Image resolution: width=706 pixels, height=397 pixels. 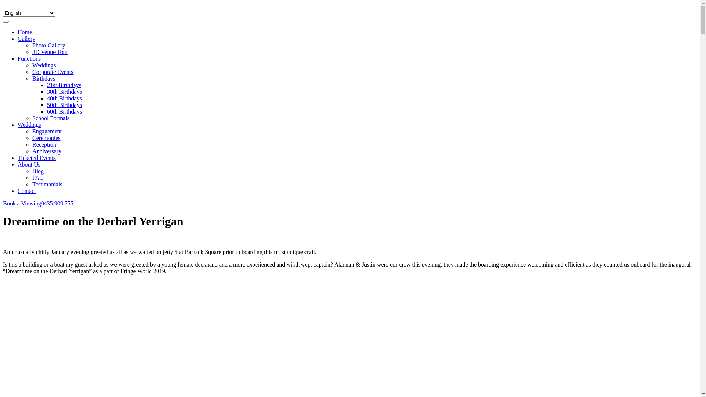 I want to click on 'Testimonials', so click(x=47, y=184).